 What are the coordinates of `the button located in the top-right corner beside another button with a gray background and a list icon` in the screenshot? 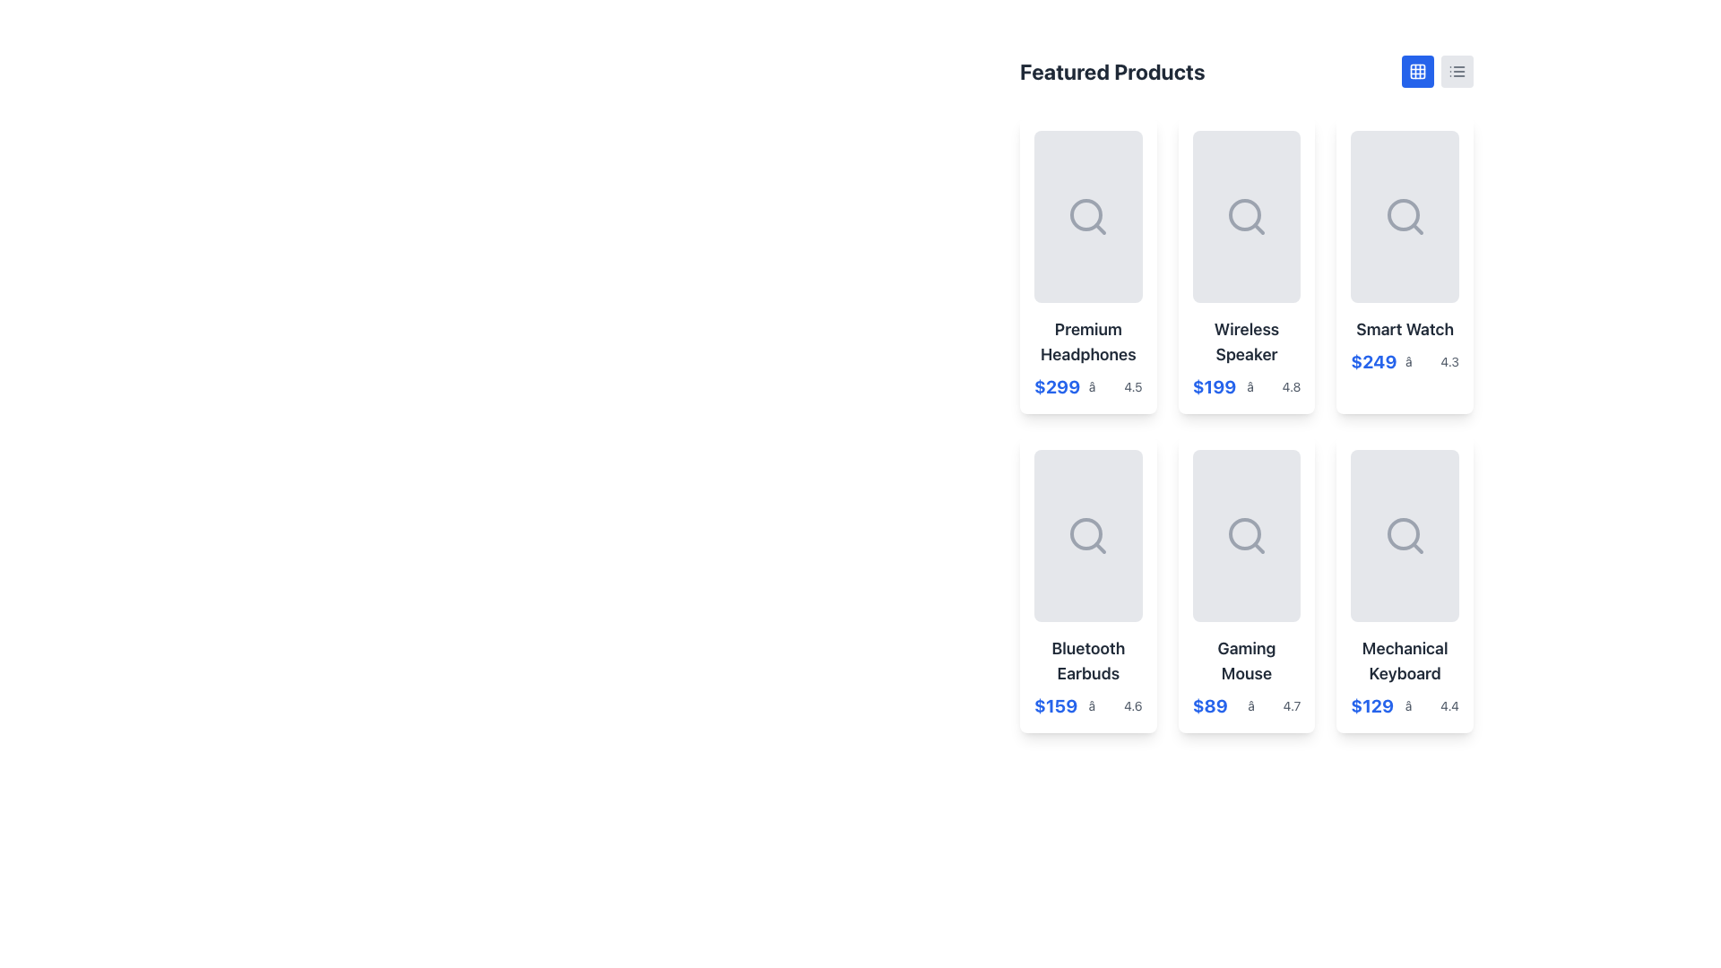 It's located at (1417, 71).